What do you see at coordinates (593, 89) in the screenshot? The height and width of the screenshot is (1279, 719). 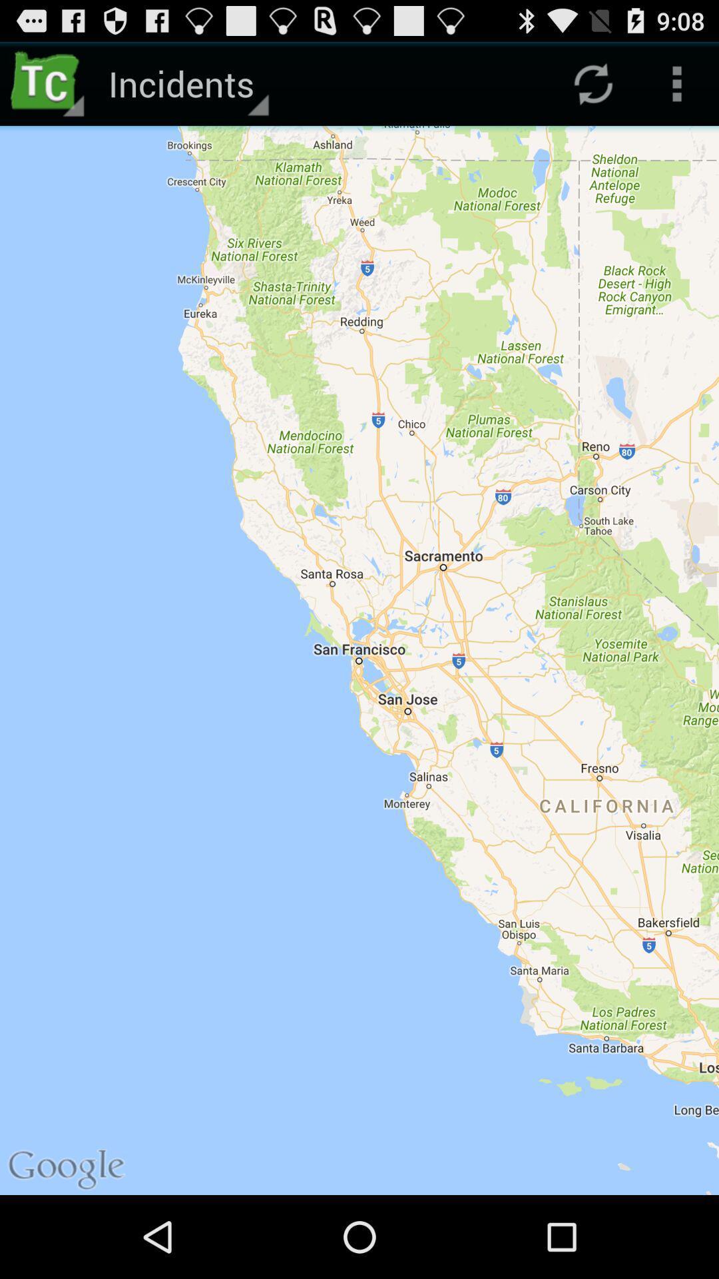 I see `the refresh icon` at bounding box center [593, 89].